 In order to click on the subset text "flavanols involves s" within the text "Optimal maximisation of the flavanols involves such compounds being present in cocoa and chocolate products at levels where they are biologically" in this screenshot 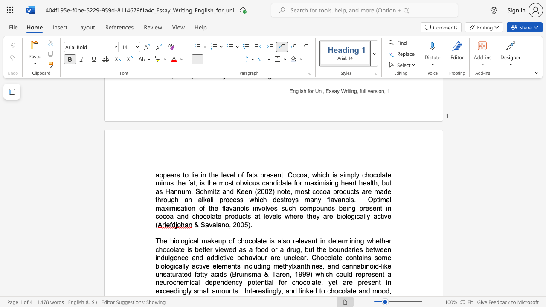, I will do `click(222, 208)`.